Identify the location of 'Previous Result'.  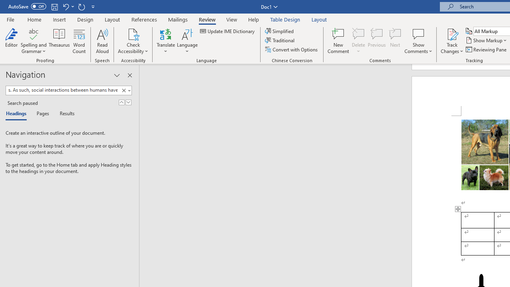
(121, 102).